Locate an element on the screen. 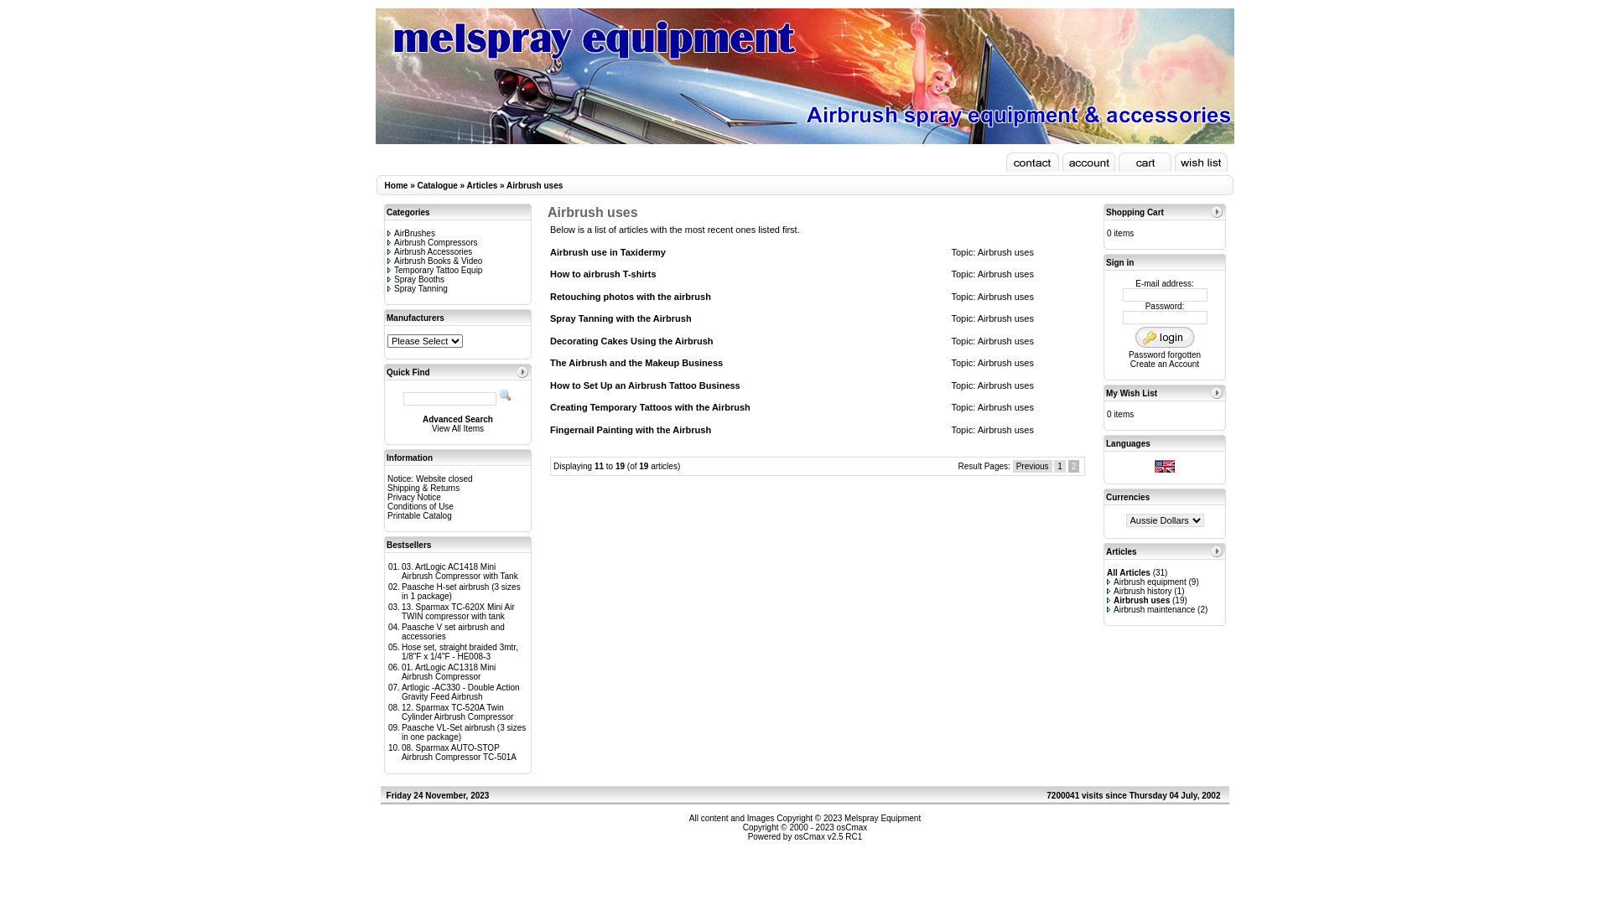 The width and height of the screenshot is (1610, 905). ' My Account ' is located at coordinates (1088, 162).